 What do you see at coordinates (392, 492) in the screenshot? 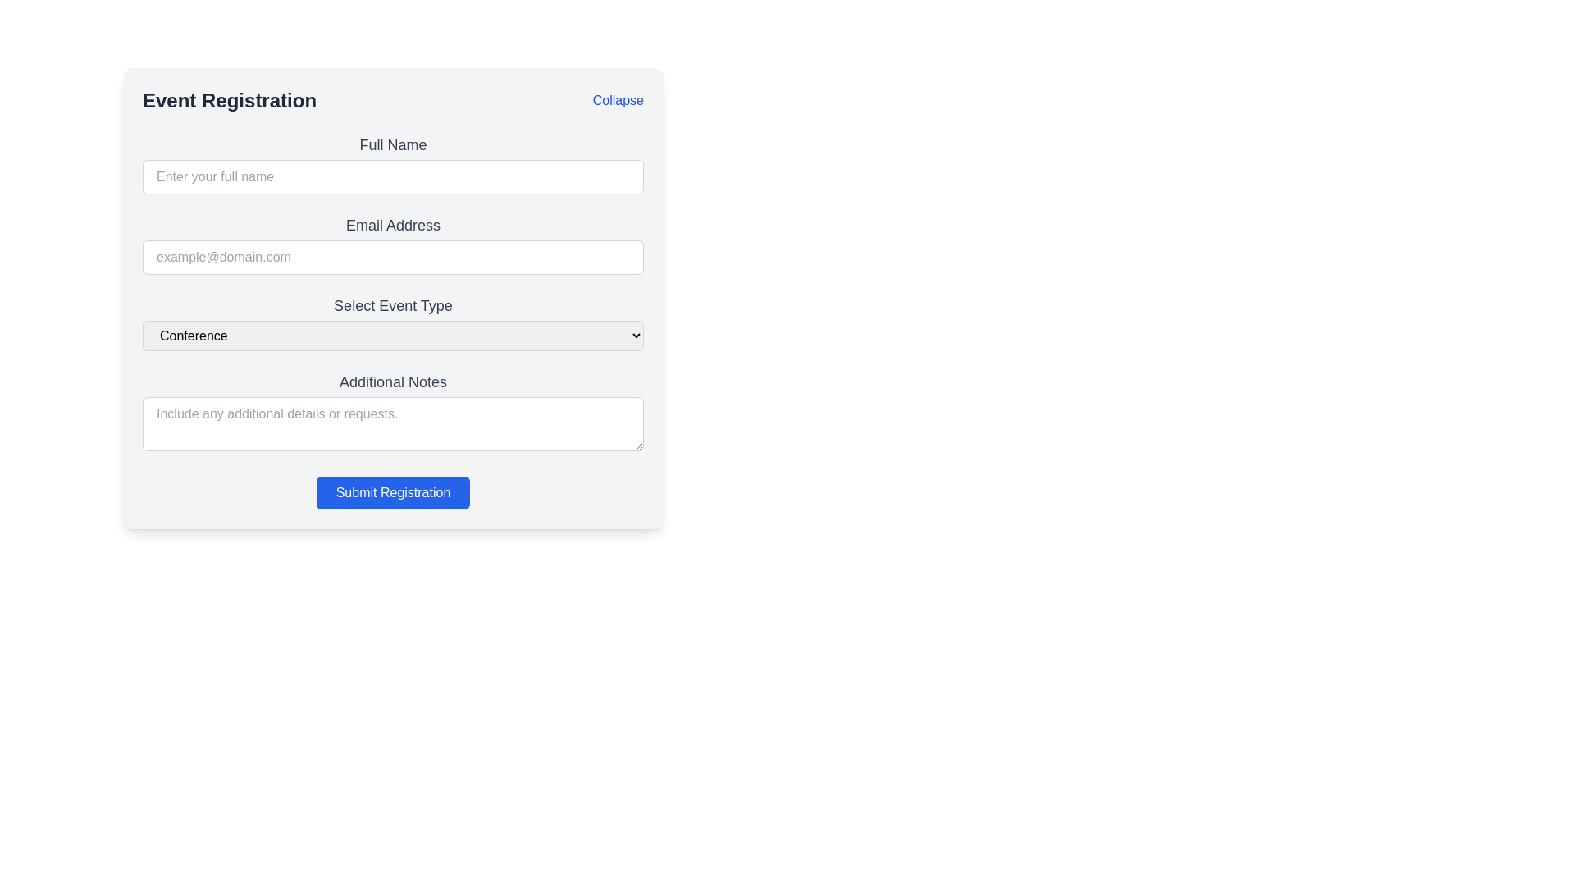
I see `the 'Submit Registration' button, which is a rectangular button with rounded corners, blue background, and white text, located at the bottom of the registration form` at bounding box center [392, 492].